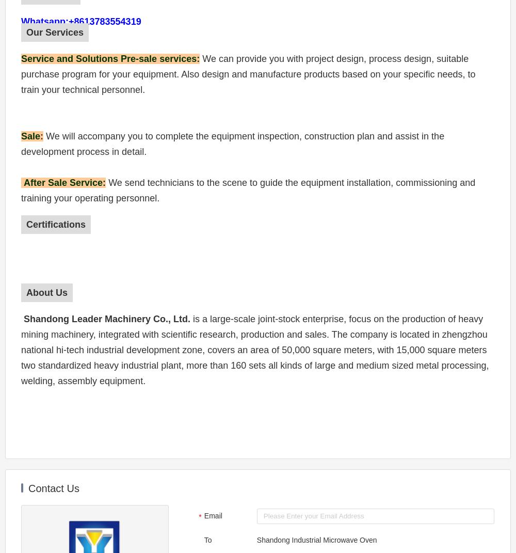 The image size is (516, 553). Describe the element at coordinates (21, 350) in the screenshot. I see `'is a large-scale joint-stock enterprise, focus on the production of heavy mining machinery, integrated with scientific research, production and sales. The company is located in zhengzhou national hi-tech industrial development zone, covers an area of 50,000 square meters, with 15,000 square meters two standardized heavy industrial plant, more than 160 sets all kinds of large and medium sized metal processing, welding, assembly equipment.'` at that location.